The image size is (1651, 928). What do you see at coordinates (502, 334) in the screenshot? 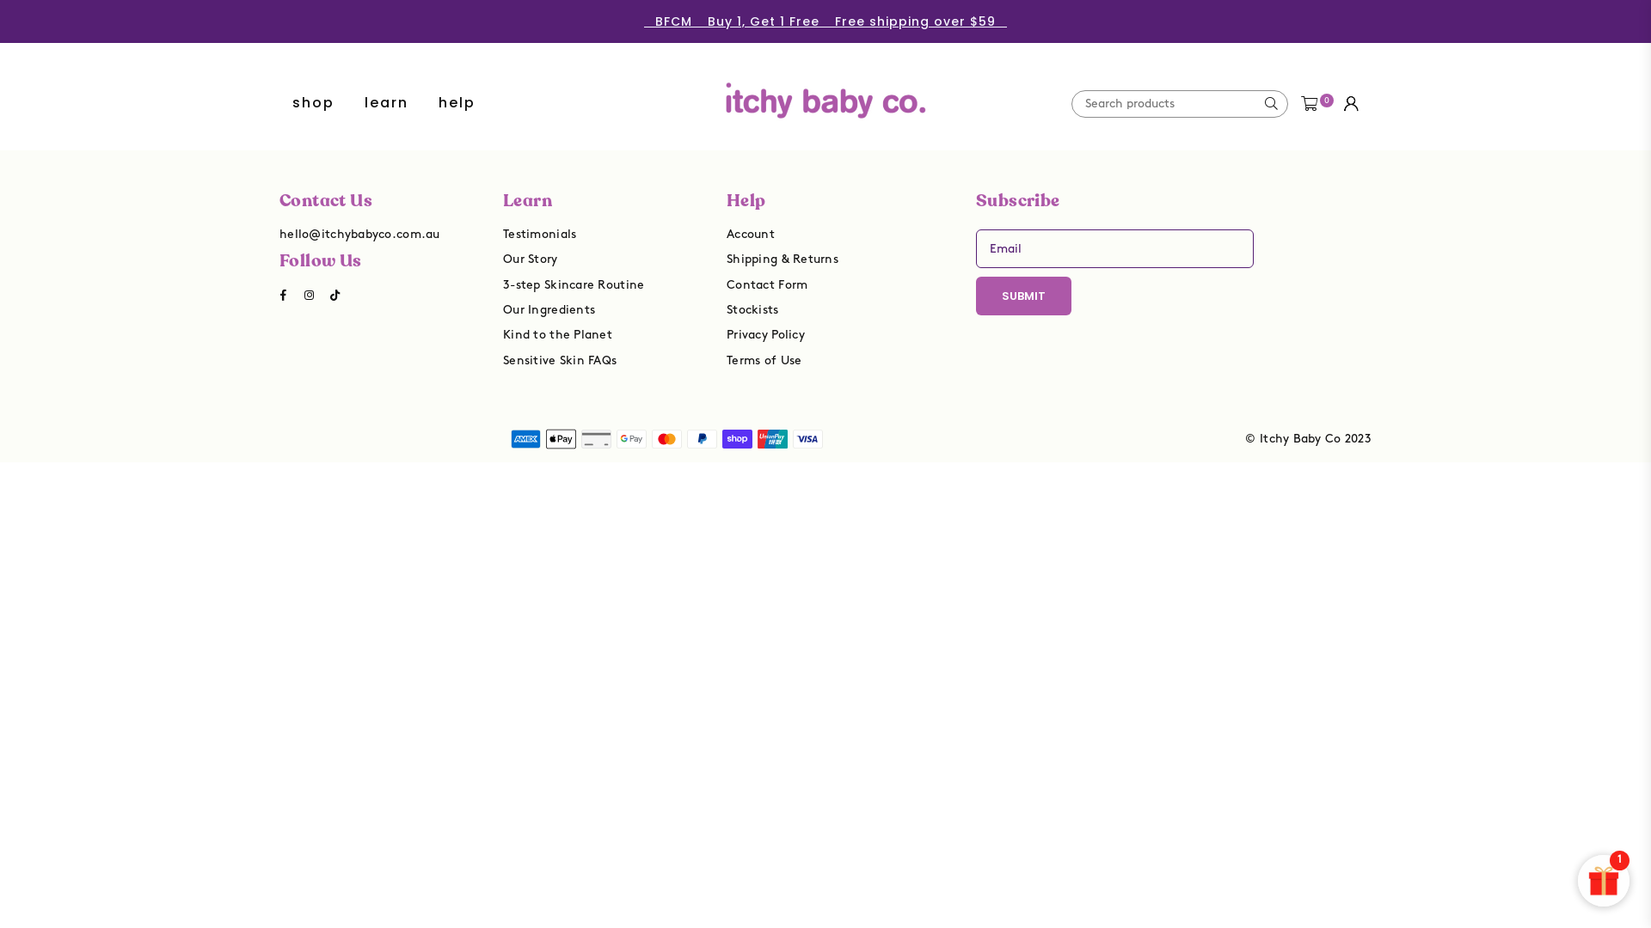
I see `'Kind to the Planet'` at bounding box center [502, 334].